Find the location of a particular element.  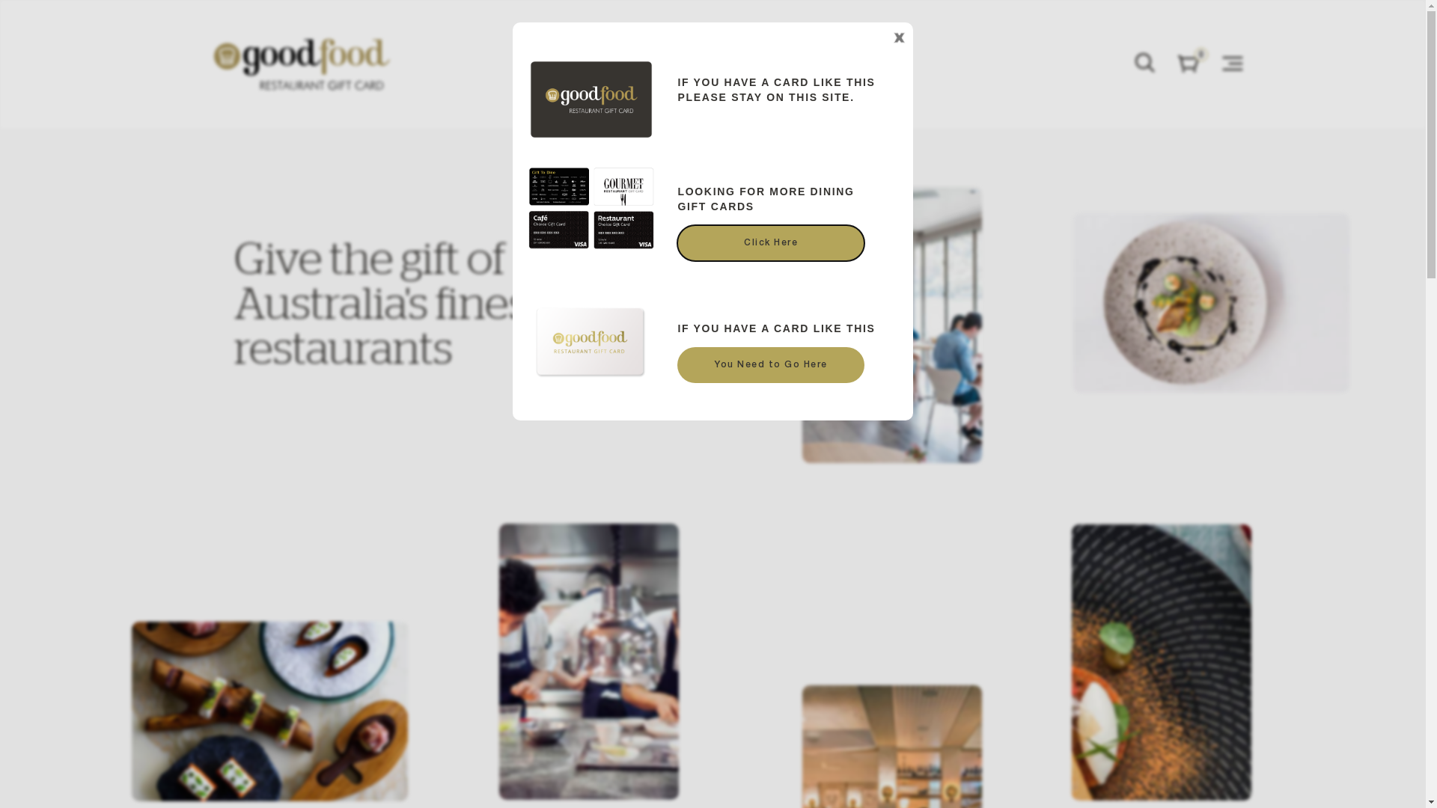

'You Need to Go Here' is located at coordinates (771, 365).